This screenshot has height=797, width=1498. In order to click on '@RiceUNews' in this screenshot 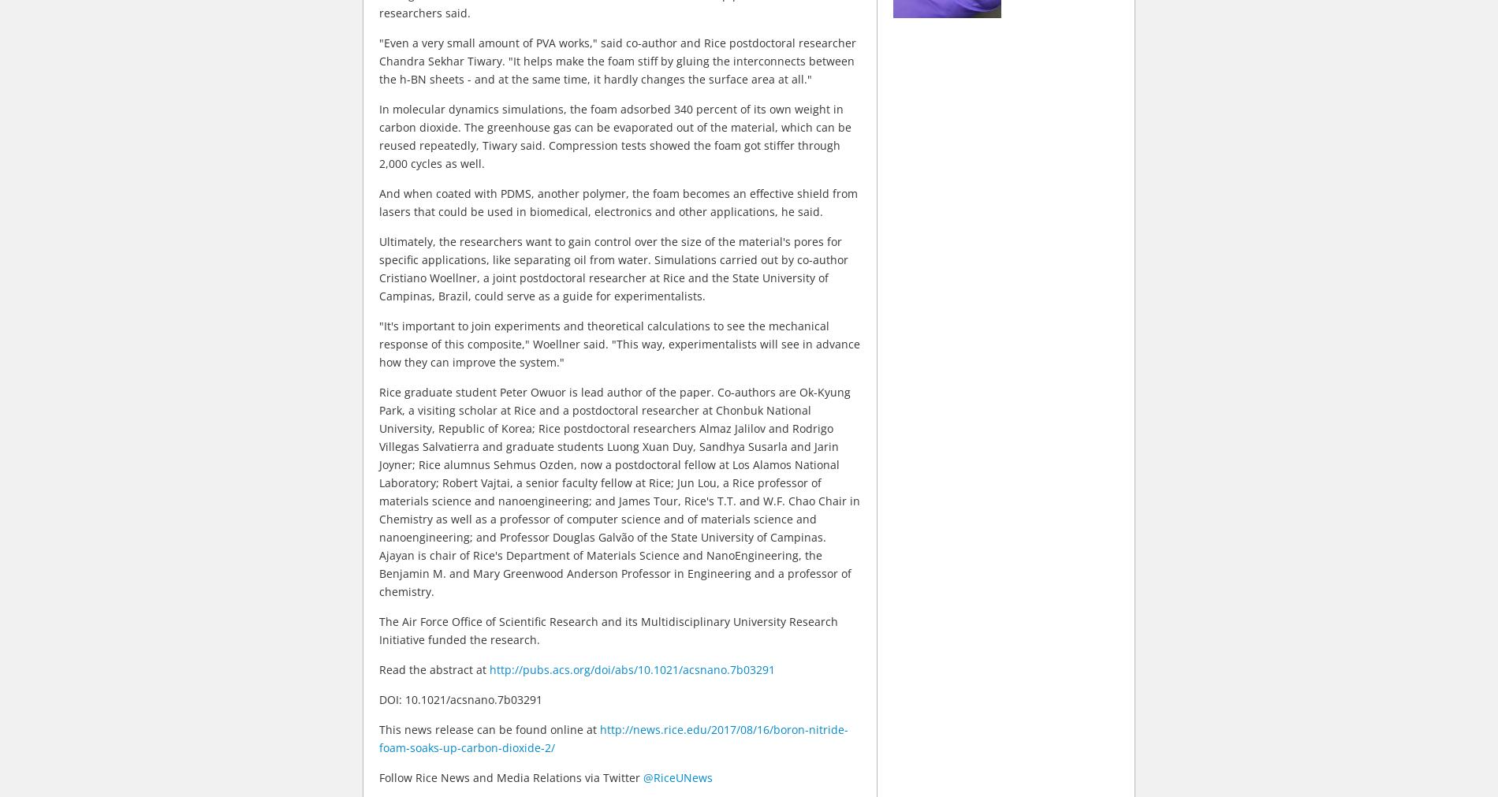, I will do `click(676, 777)`.